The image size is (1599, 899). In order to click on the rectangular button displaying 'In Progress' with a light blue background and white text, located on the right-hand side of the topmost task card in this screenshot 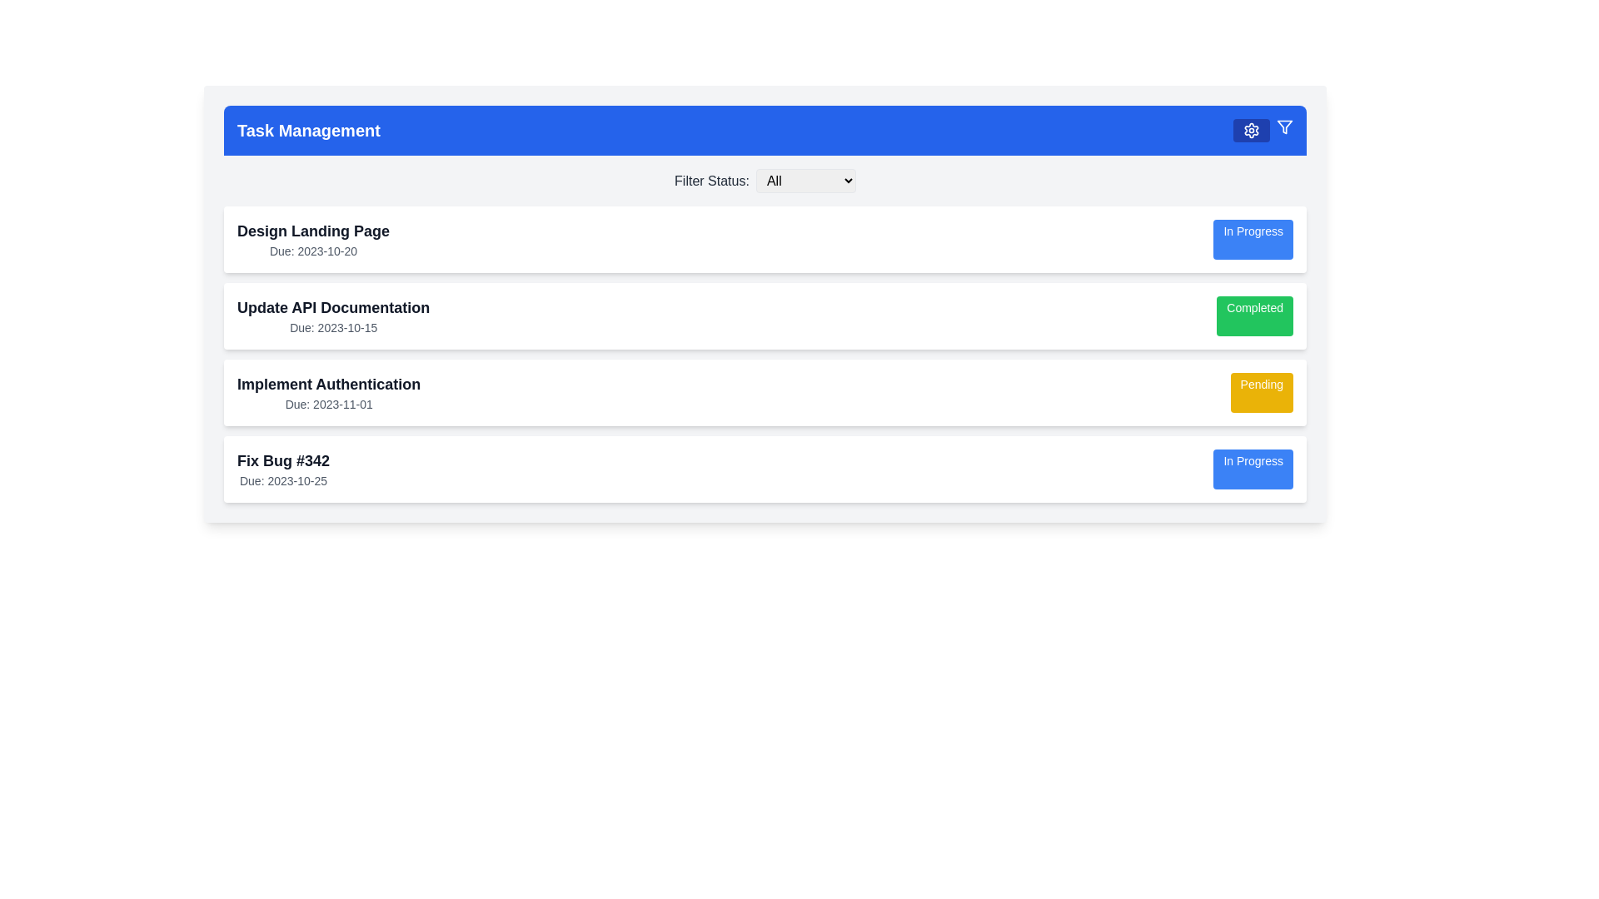, I will do `click(1253, 240)`.